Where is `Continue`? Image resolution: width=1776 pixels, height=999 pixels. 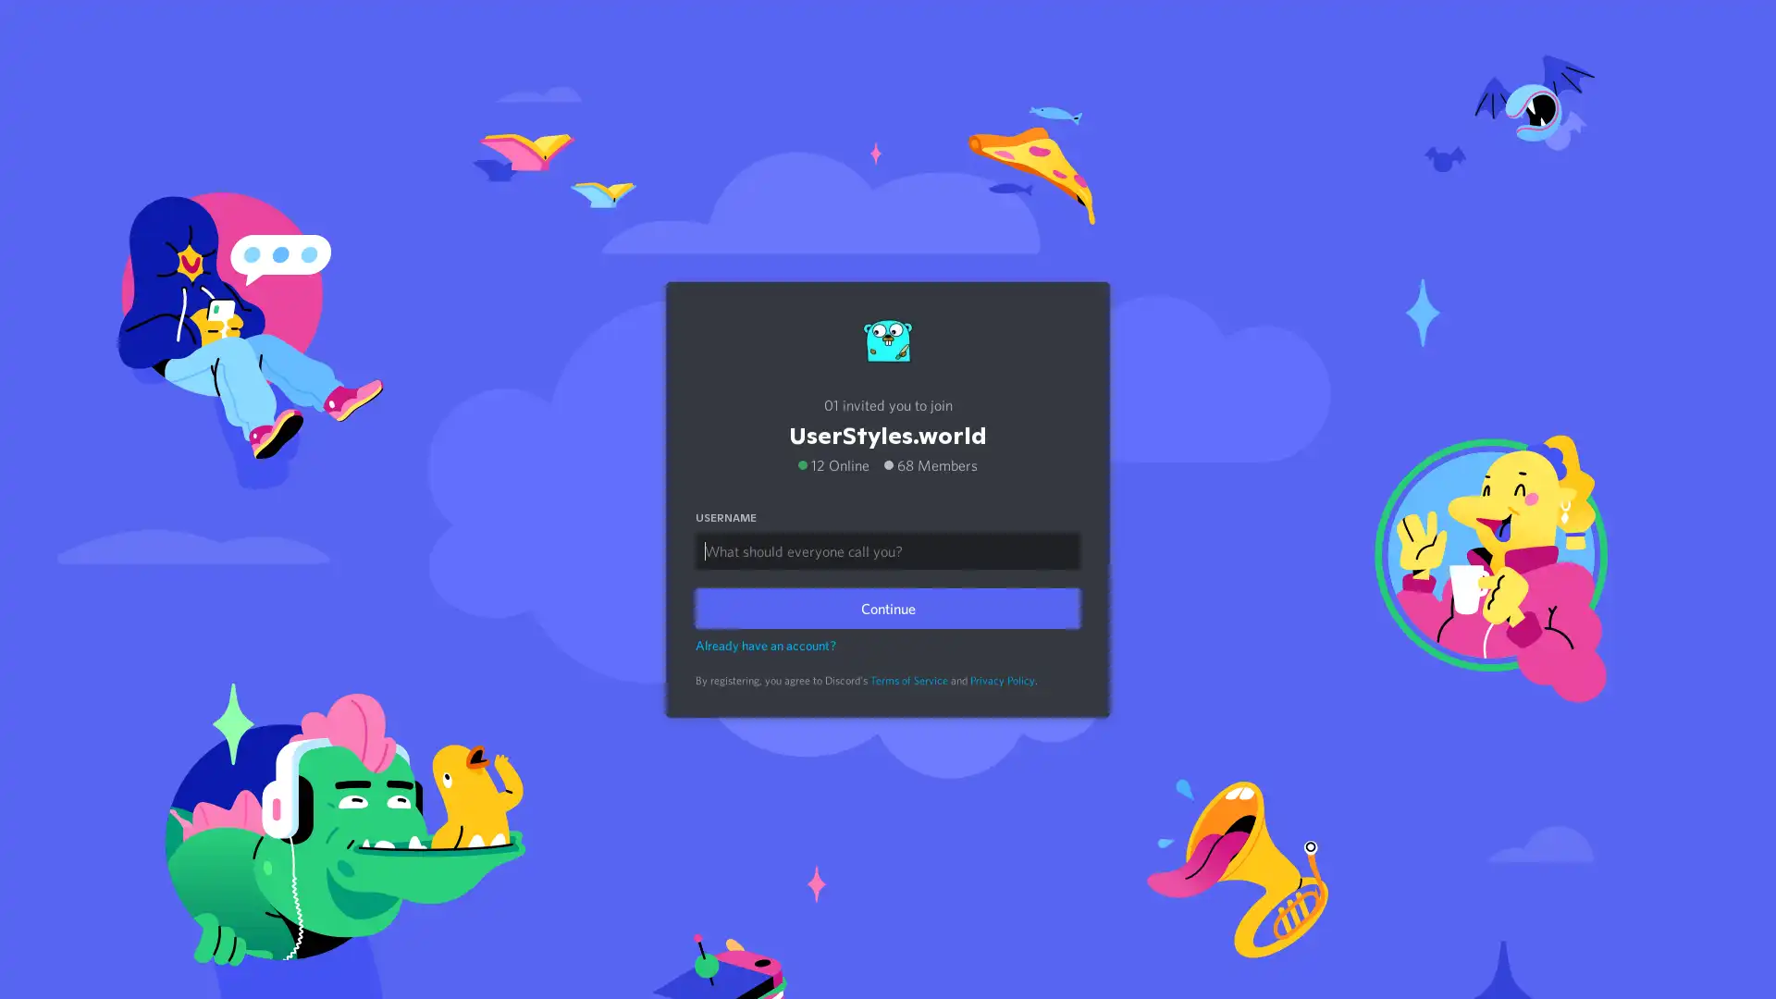 Continue is located at coordinates (888, 607).